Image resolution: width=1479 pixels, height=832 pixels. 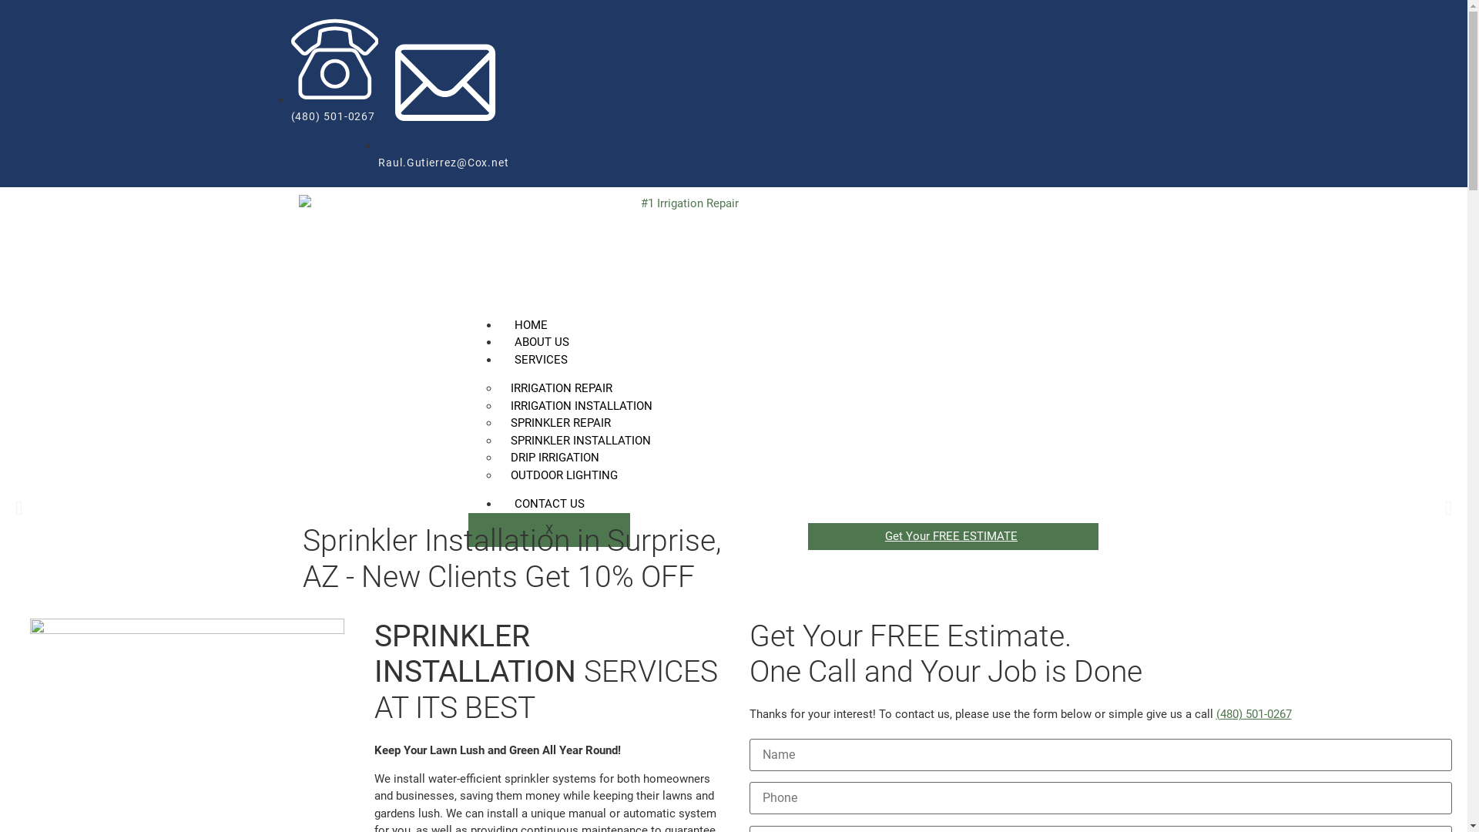 I want to click on 'ABOUT US', so click(x=542, y=341).